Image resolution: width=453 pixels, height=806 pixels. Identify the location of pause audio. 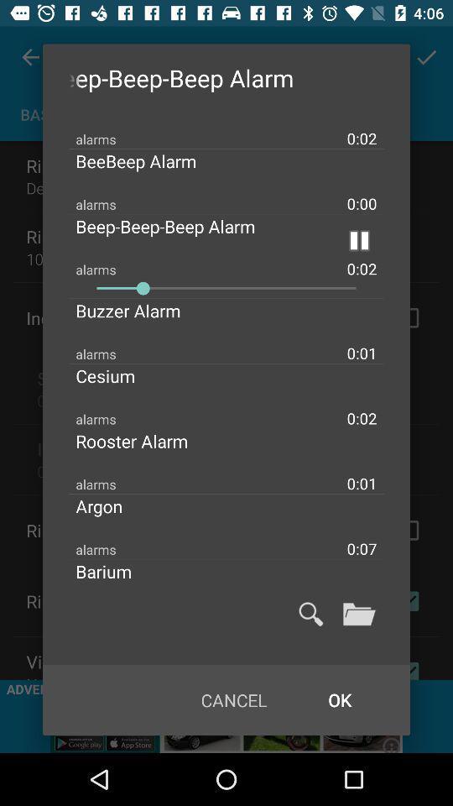
(358, 239).